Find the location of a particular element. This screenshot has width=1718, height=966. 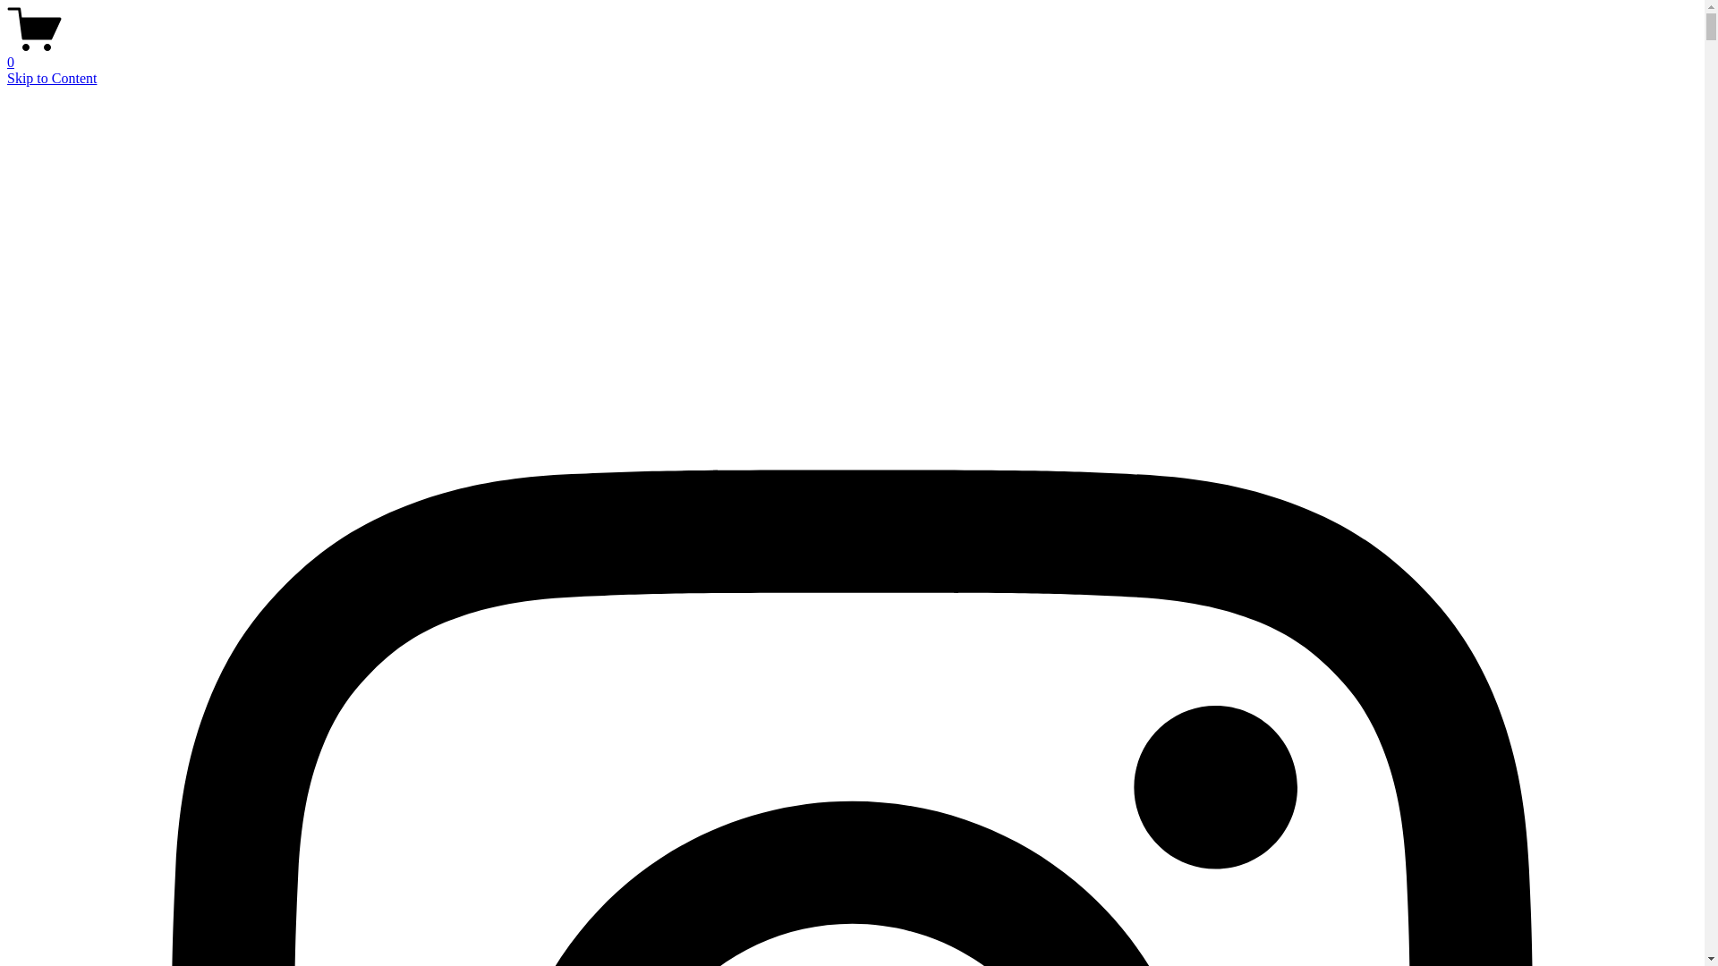

'Skip to Content' is located at coordinates (51, 77).